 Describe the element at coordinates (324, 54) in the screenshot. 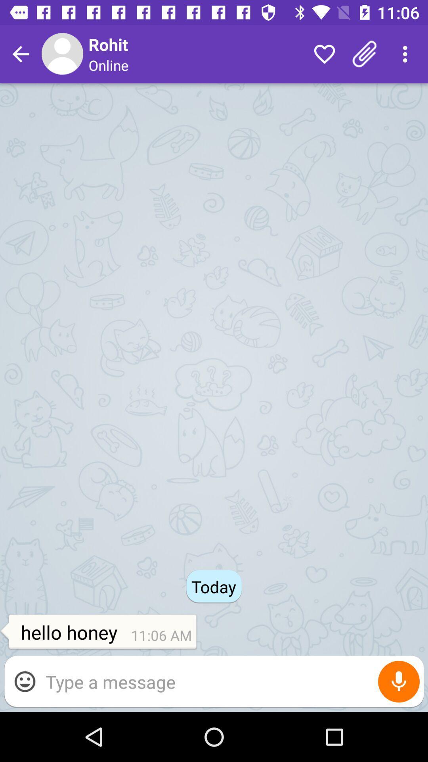

I see `the icon to the right of online item` at that location.